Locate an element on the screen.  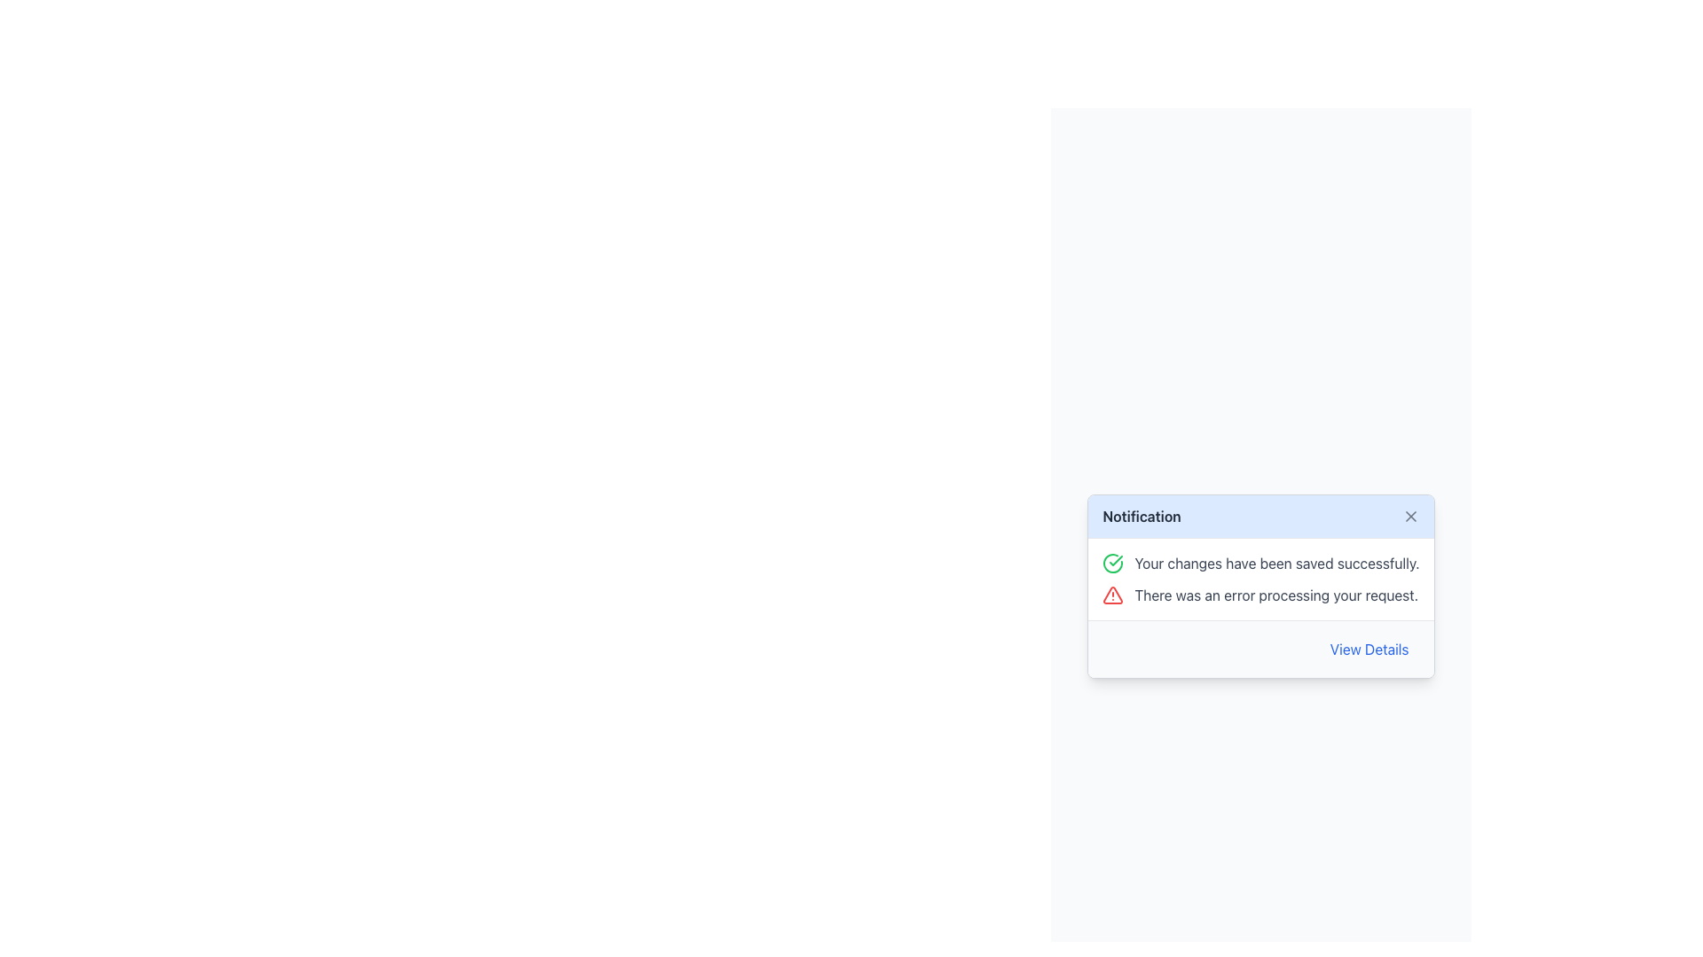
the decorative 'X' icon button in the top-right corner of the notification header is located at coordinates (1409, 516).